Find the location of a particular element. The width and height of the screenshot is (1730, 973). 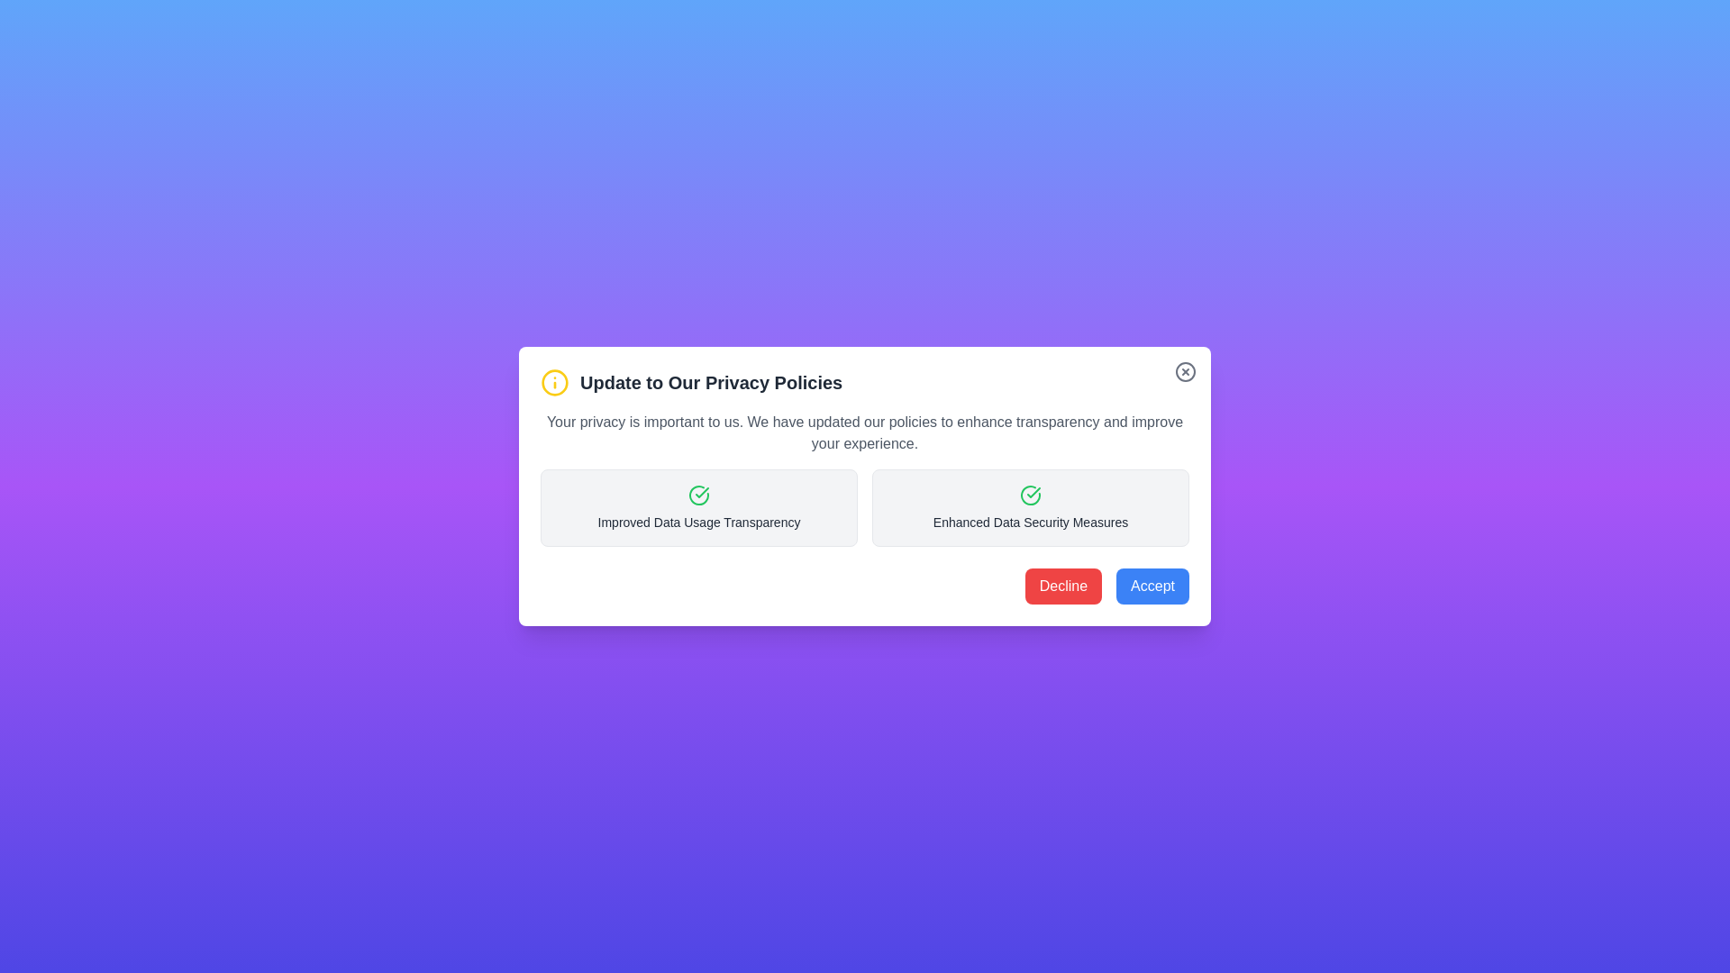

close button at the top-right corner of the dialog to close it is located at coordinates (1185, 370).